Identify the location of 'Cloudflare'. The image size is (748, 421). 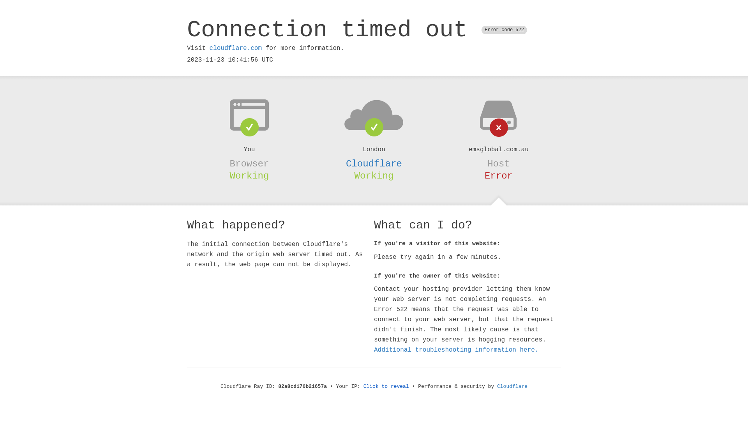
(512, 386).